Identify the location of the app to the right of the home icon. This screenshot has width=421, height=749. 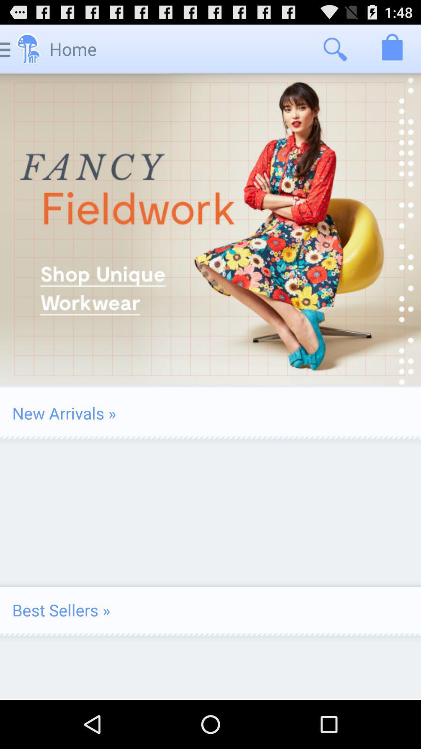
(334, 48).